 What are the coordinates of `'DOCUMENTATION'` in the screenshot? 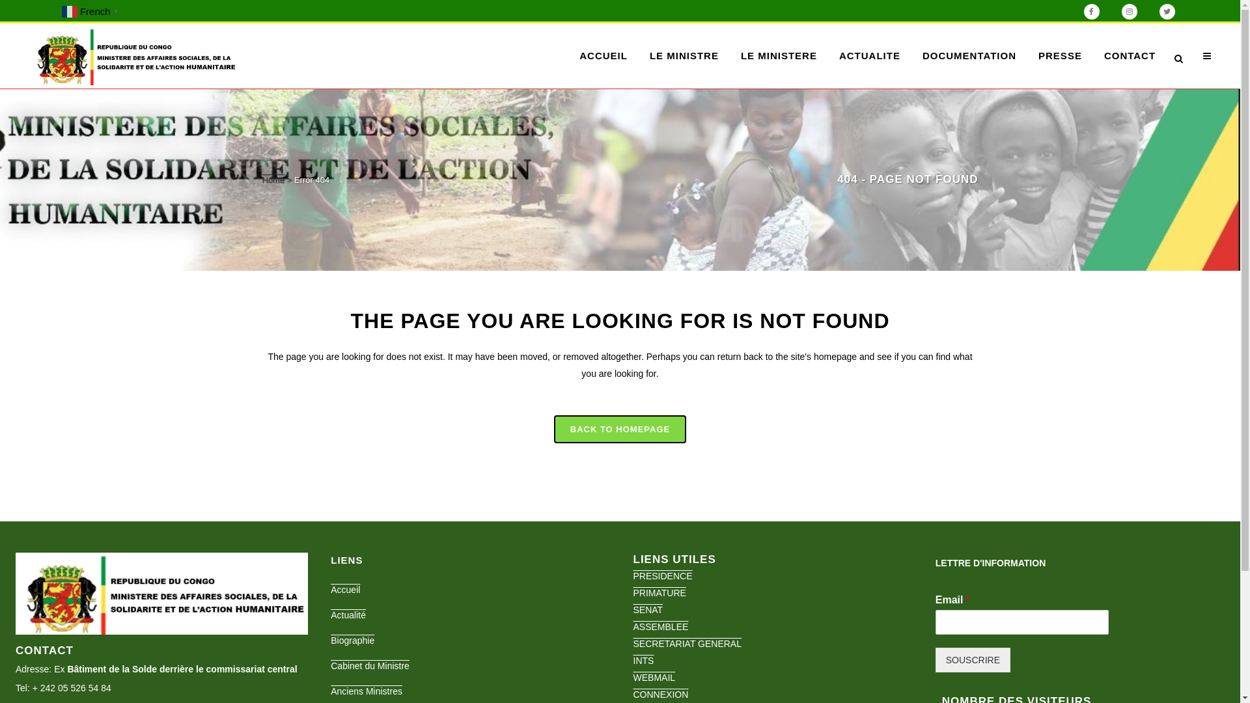 It's located at (969, 55).